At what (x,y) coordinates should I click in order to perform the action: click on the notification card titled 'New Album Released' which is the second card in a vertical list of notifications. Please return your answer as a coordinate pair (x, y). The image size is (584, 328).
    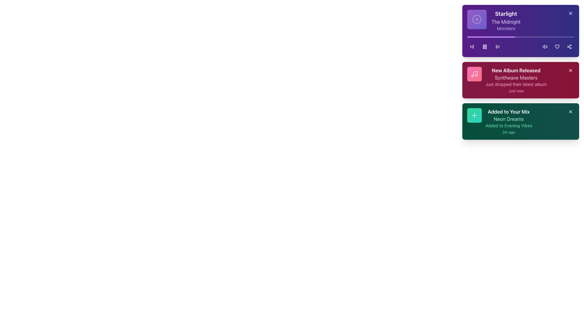
    Looking at the image, I should click on (507, 80).